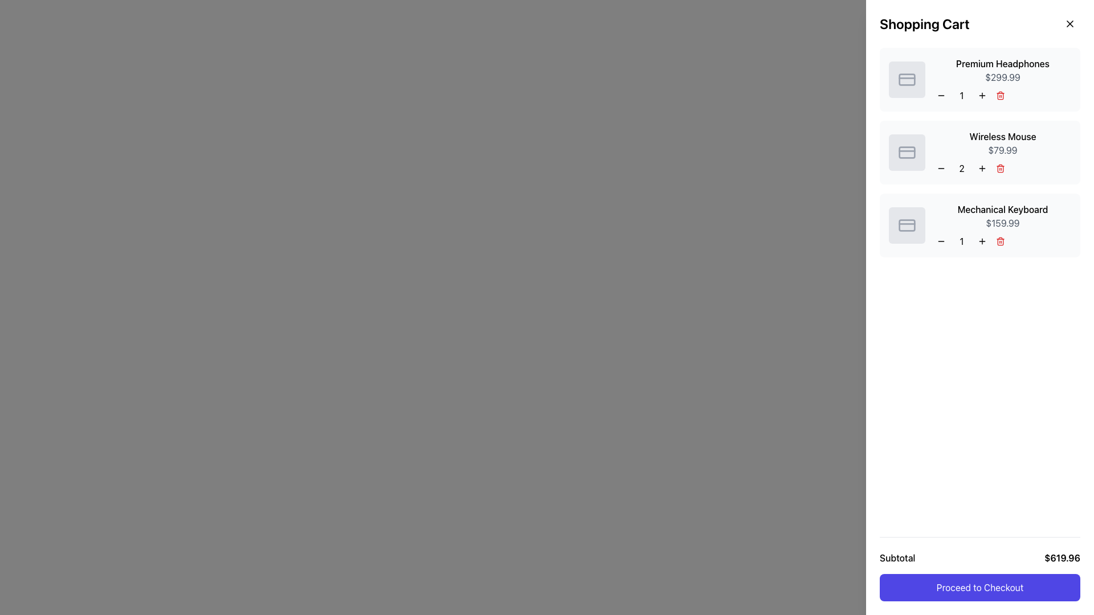  I want to click on the trash can icon located next to the 'Wireless Mouse' priced at $79.99, so click(1000, 169).